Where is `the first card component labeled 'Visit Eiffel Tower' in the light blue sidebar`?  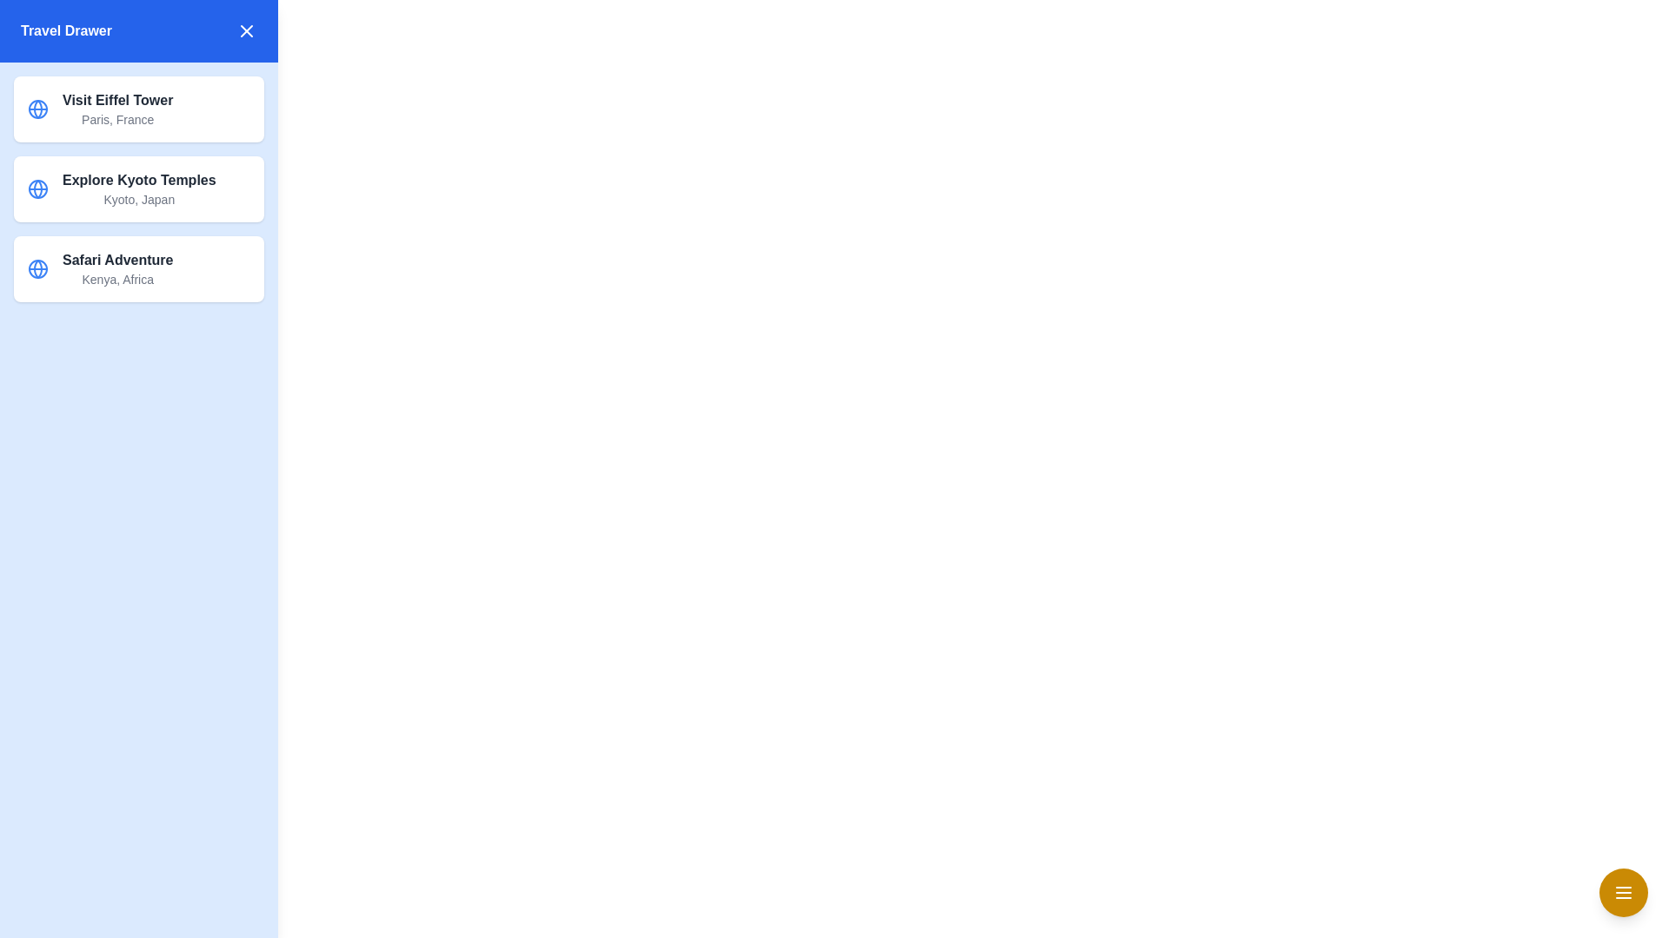 the first card component labeled 'Visit Eiffel Tower' in the light blue sidebar is located at coordinates (137, 109).